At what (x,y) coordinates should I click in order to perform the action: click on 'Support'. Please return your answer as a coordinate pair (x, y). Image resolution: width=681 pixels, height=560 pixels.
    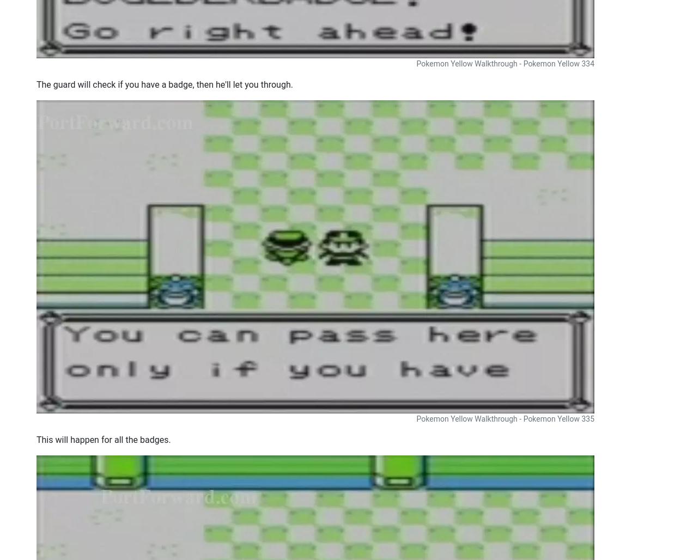
    Looking at the image, I should click on (155, 541).